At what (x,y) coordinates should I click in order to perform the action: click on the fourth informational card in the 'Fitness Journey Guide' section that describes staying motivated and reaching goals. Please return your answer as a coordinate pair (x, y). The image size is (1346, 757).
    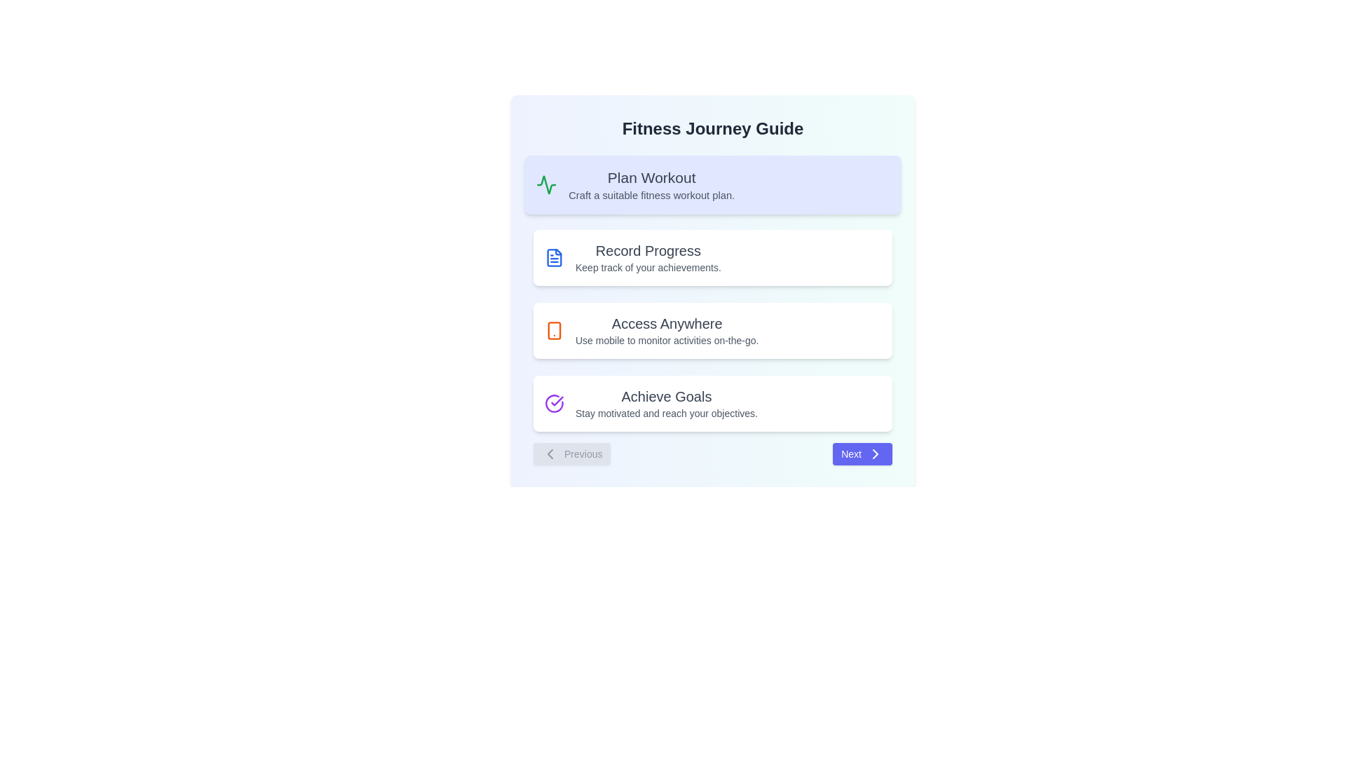
    Looking at the image, I should click on (713, 403).